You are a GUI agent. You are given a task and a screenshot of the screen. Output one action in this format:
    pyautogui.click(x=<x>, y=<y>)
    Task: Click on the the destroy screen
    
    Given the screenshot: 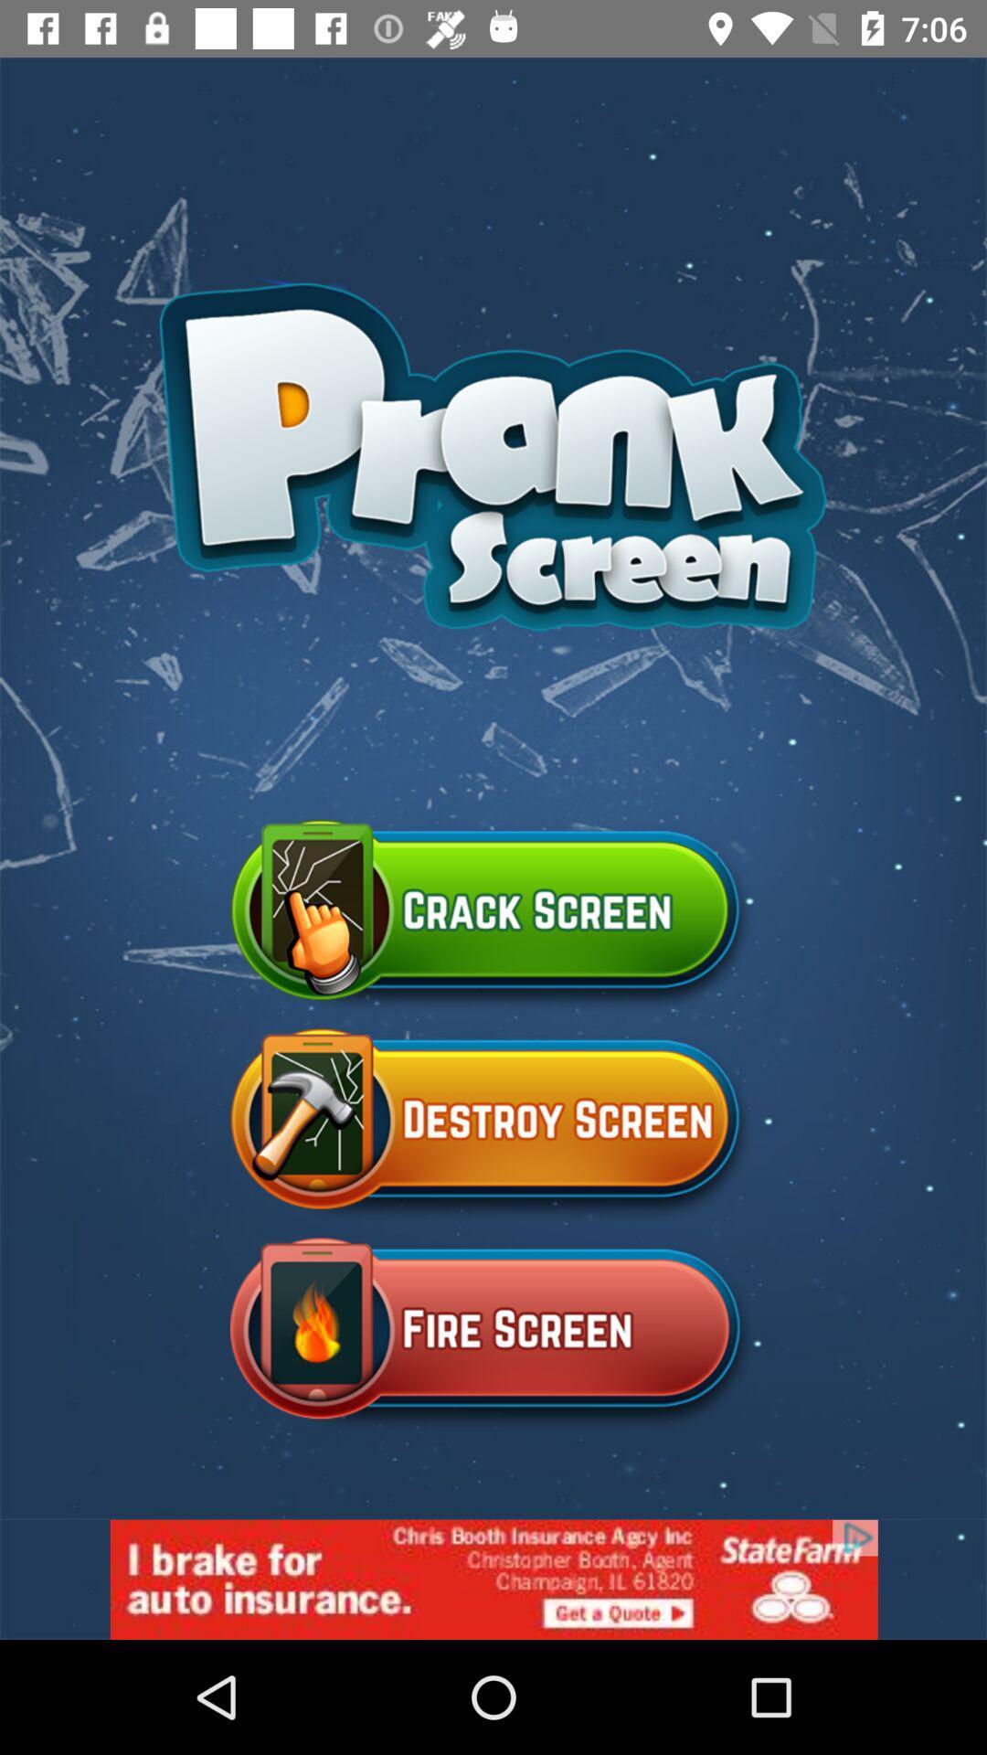 What is the action you would take?
    pyautogui.click(x=493, y=1125)
    